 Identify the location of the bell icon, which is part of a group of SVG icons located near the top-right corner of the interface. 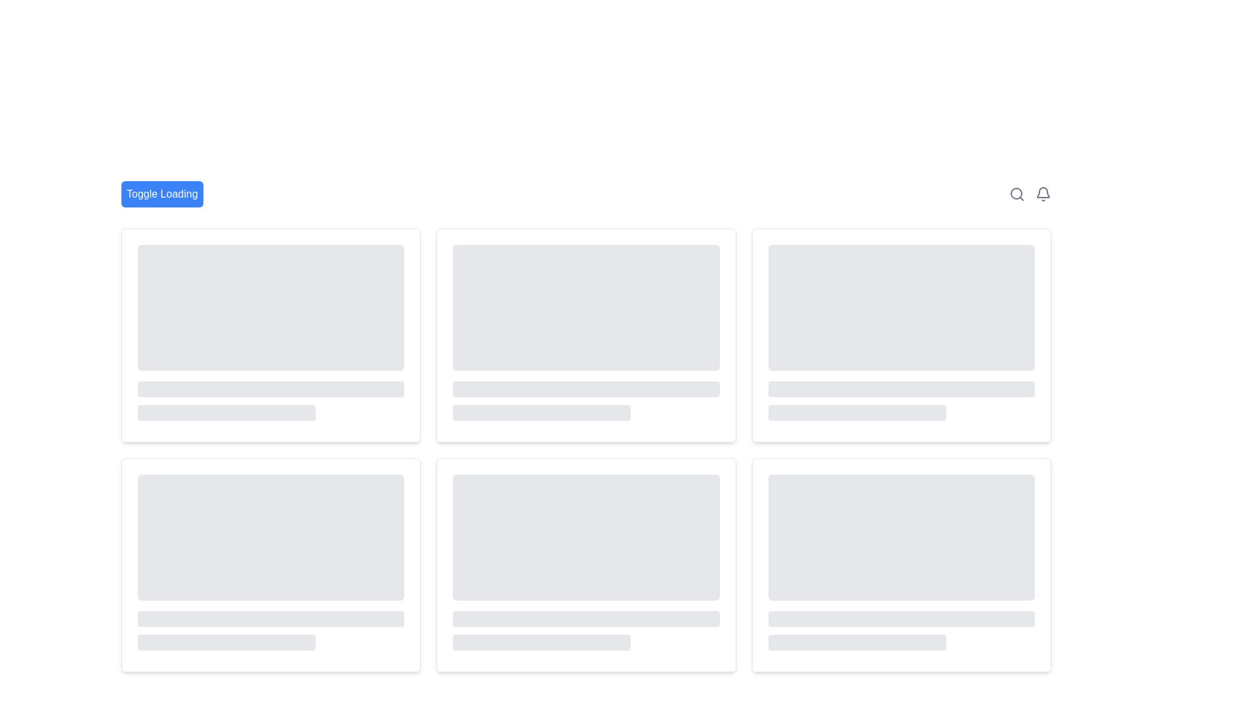
(1042, 192).